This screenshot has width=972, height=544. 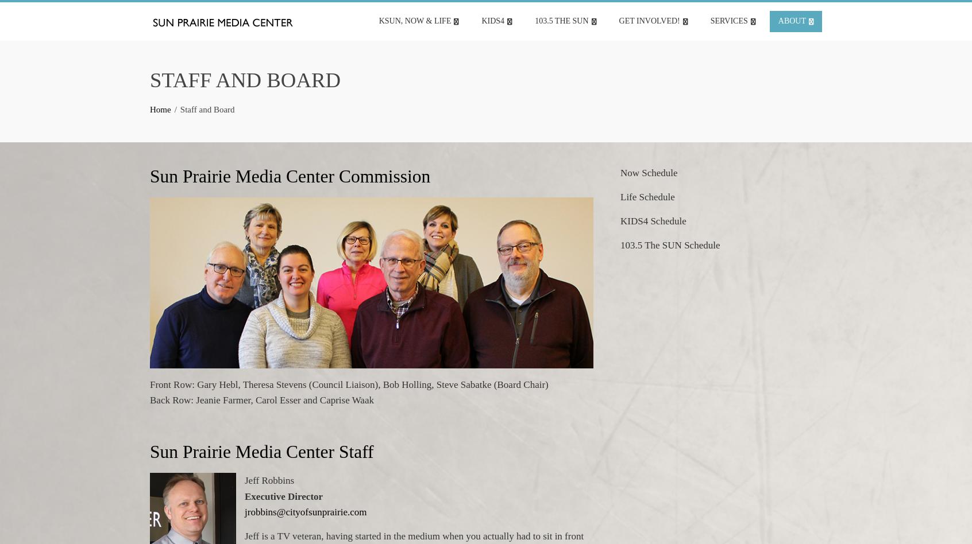 What do you see at coordinates (561, 21) in the screenshot?
I see `'103.5 The SUN'` at bounding box center [561, 21].